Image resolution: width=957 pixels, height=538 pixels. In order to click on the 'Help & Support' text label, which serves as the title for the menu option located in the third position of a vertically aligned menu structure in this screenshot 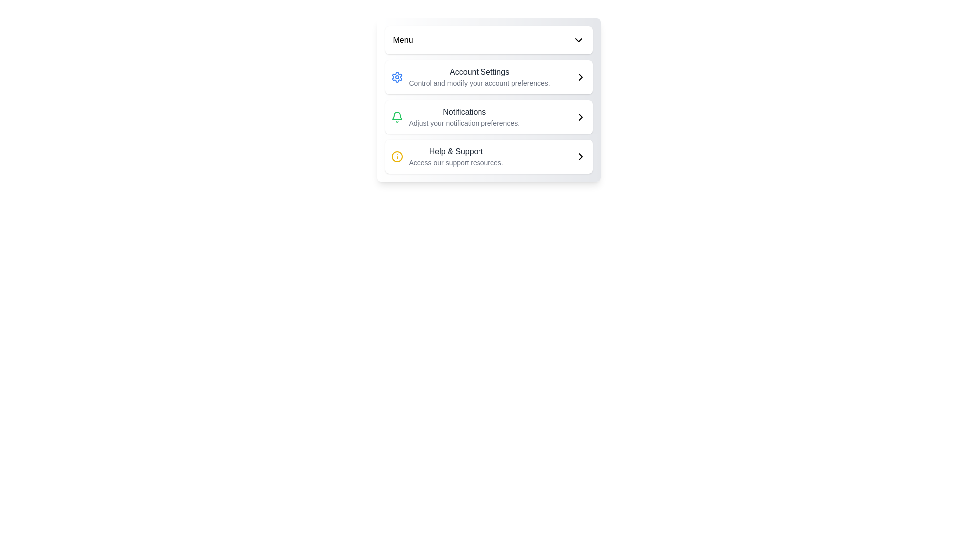, I will do `click(456, 151)`.